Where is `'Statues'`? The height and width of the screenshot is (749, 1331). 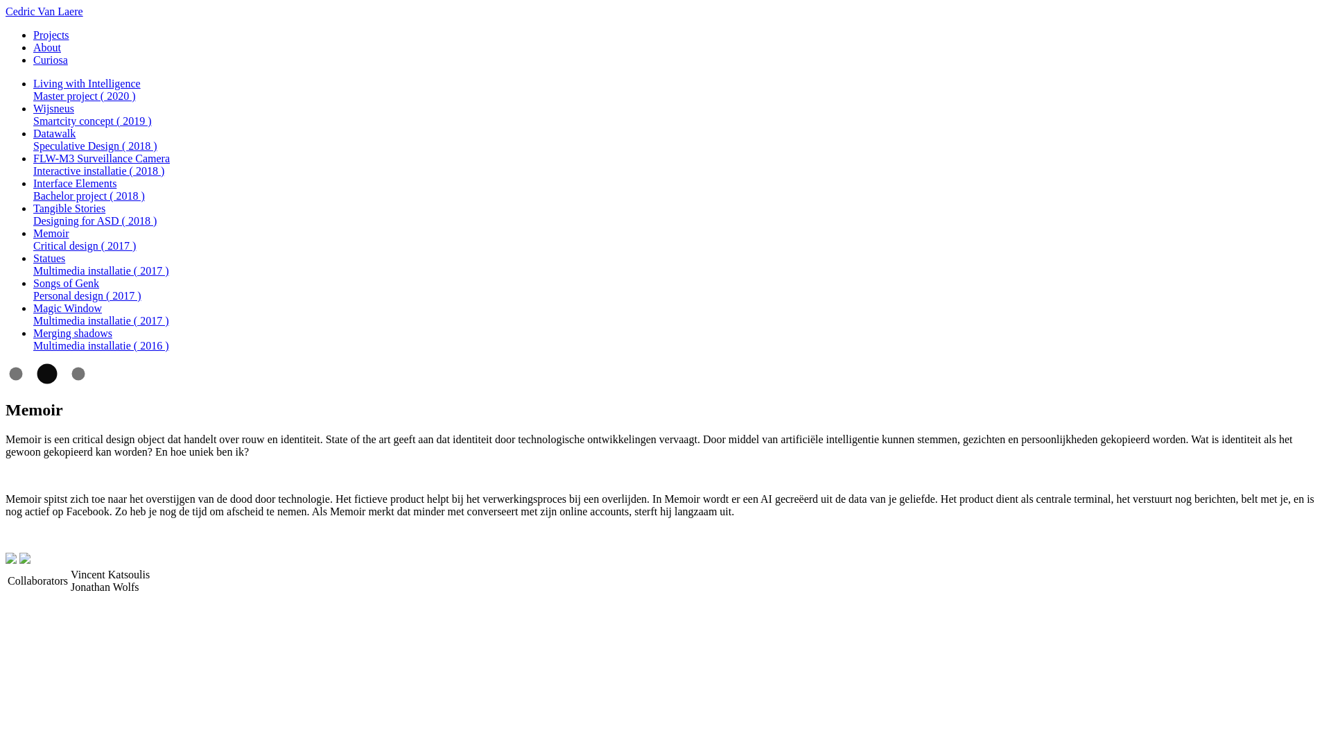
'Statues' is located at coordinates (33, 258).